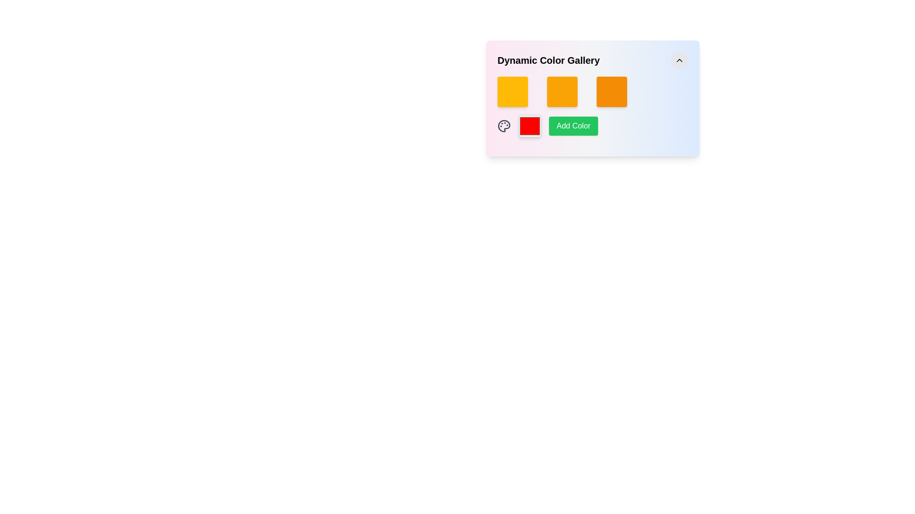  I want to click on the green 'Add Color' button located under the row of color squares in the 'Dynamic Color Gallery' section, so click(592, 107).